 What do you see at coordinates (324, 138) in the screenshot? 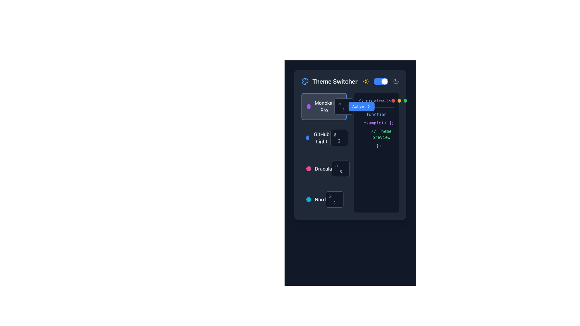
I see `the 'GitHub Light' selectable theme option, which is the second item in the theme selector interface` at bounding box center [324, 138].